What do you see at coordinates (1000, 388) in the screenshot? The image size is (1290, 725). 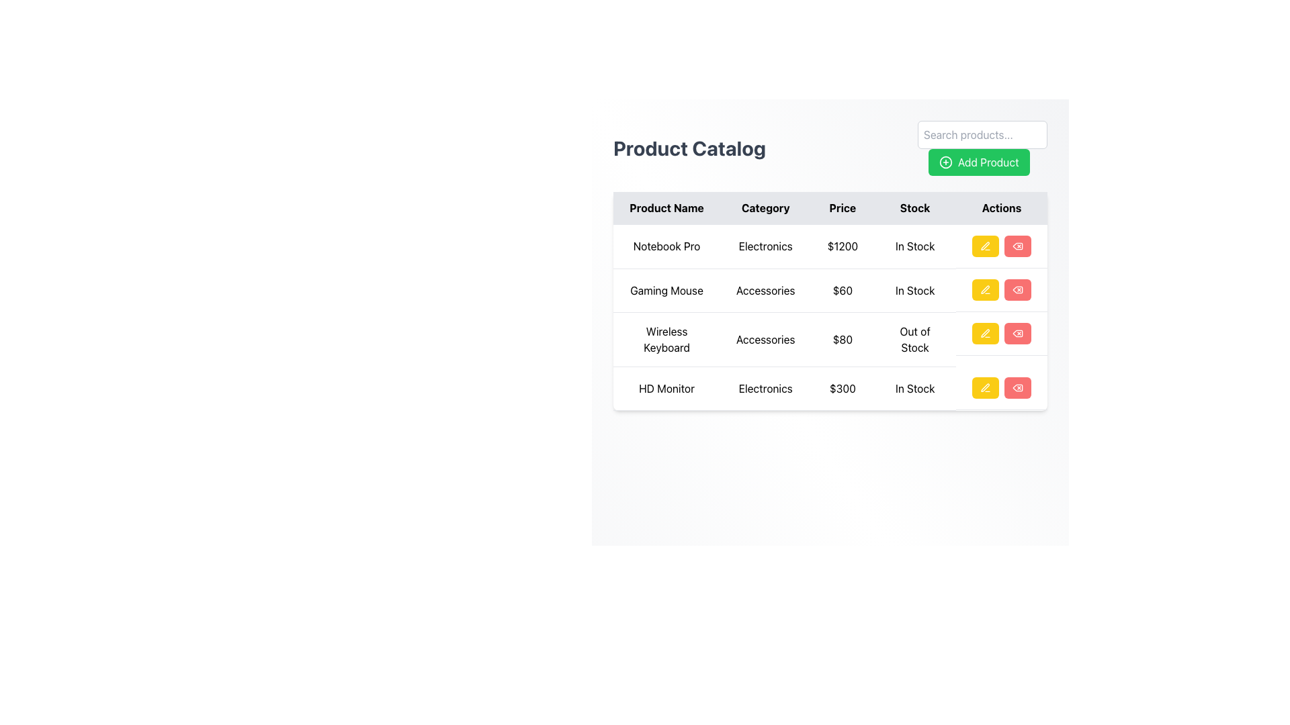 I see `the yellow button located in the 'Actions' column of the 'HD Monitor' product row` at bounding box center [1000, 388].